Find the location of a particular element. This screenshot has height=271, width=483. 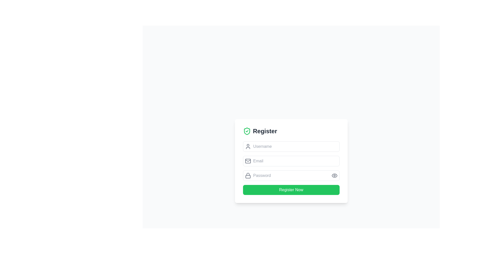

the shield icon located at the top-left corner of the registration form, which indicates that the registration process is secure or verified is located at coordinates (247, 131).